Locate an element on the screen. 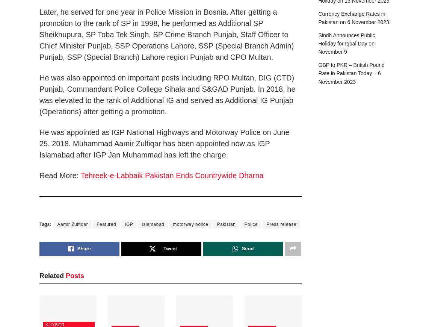 The width and height of the screenshot is (432, 327). 'Pakistan' is located at coordinates (226, 224).